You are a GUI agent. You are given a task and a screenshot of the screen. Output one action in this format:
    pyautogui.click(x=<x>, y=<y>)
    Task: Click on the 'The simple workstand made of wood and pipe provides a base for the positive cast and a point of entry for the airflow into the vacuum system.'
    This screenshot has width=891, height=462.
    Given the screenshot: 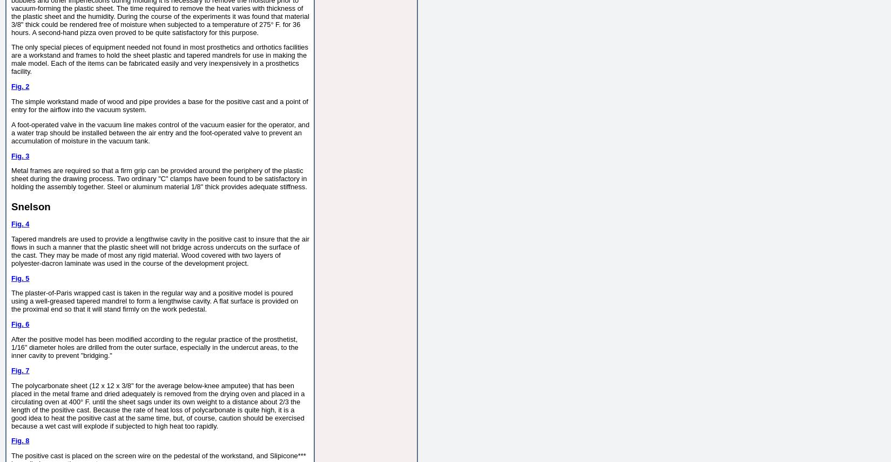 What is the action you would take?
    pyautogui.click(x=11, y=105)
    